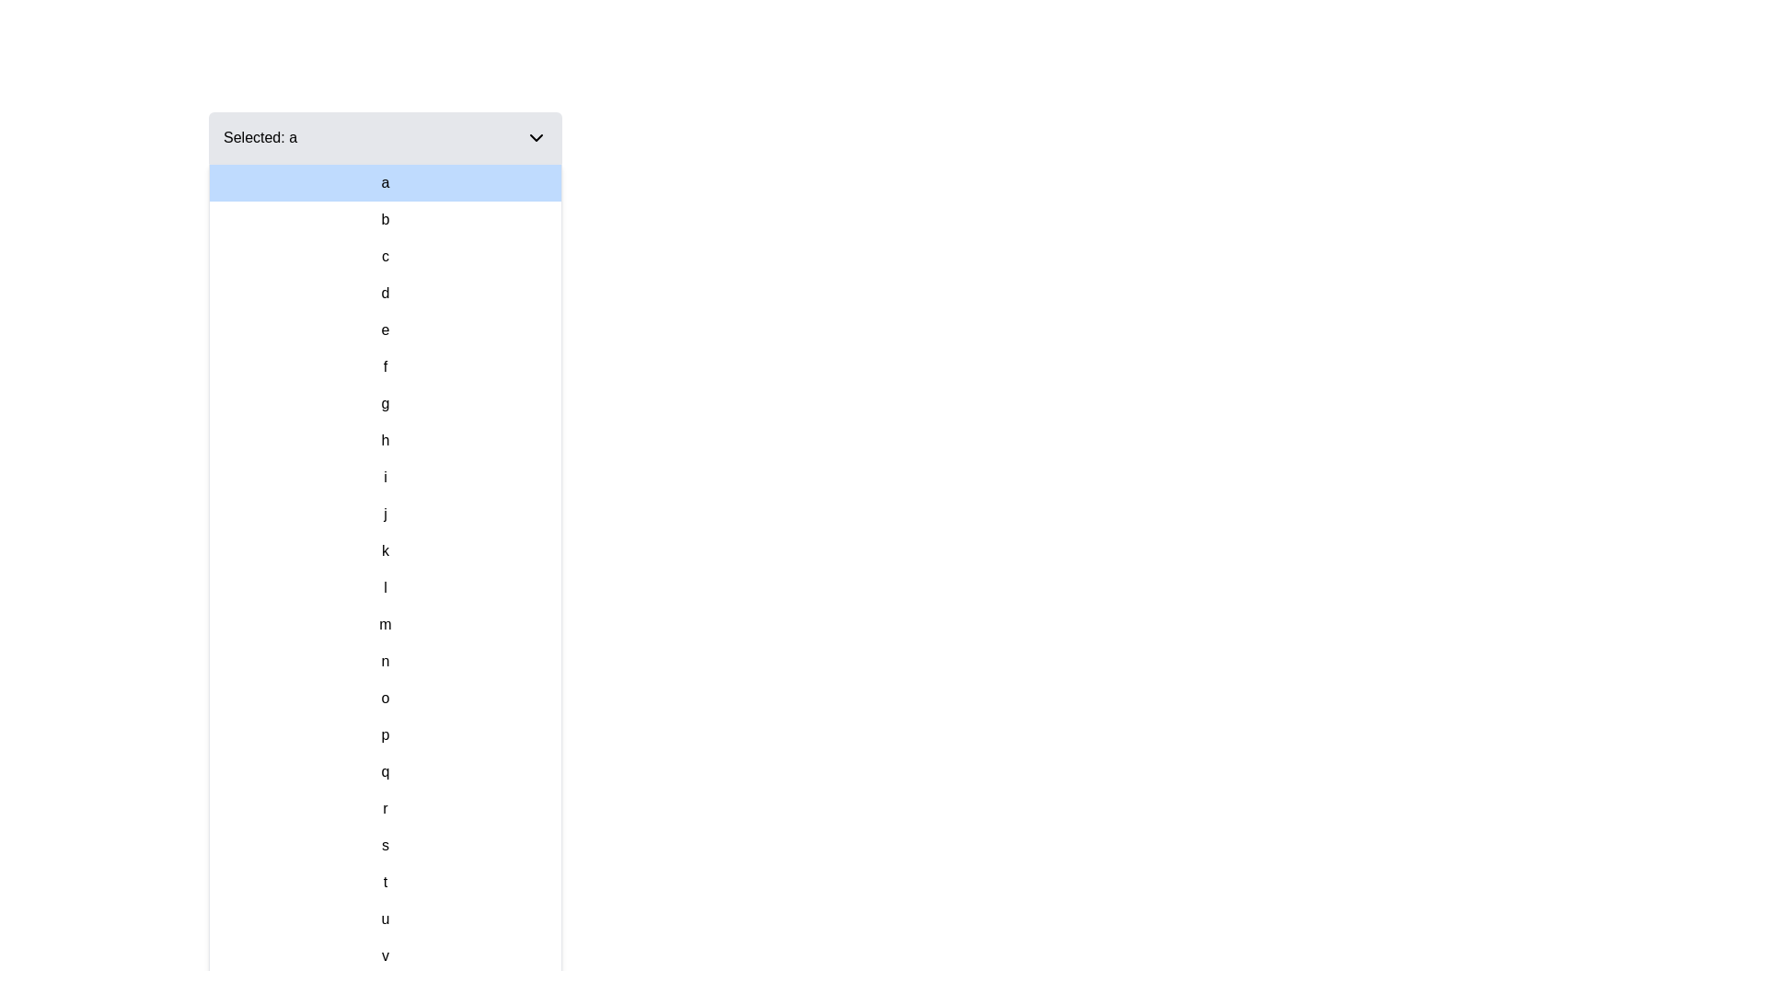 The width and height of the screenshot is (1767, 994). I want to click on the Dropdown trigger area located at the top of the dropdown menu, so click(384, 137).